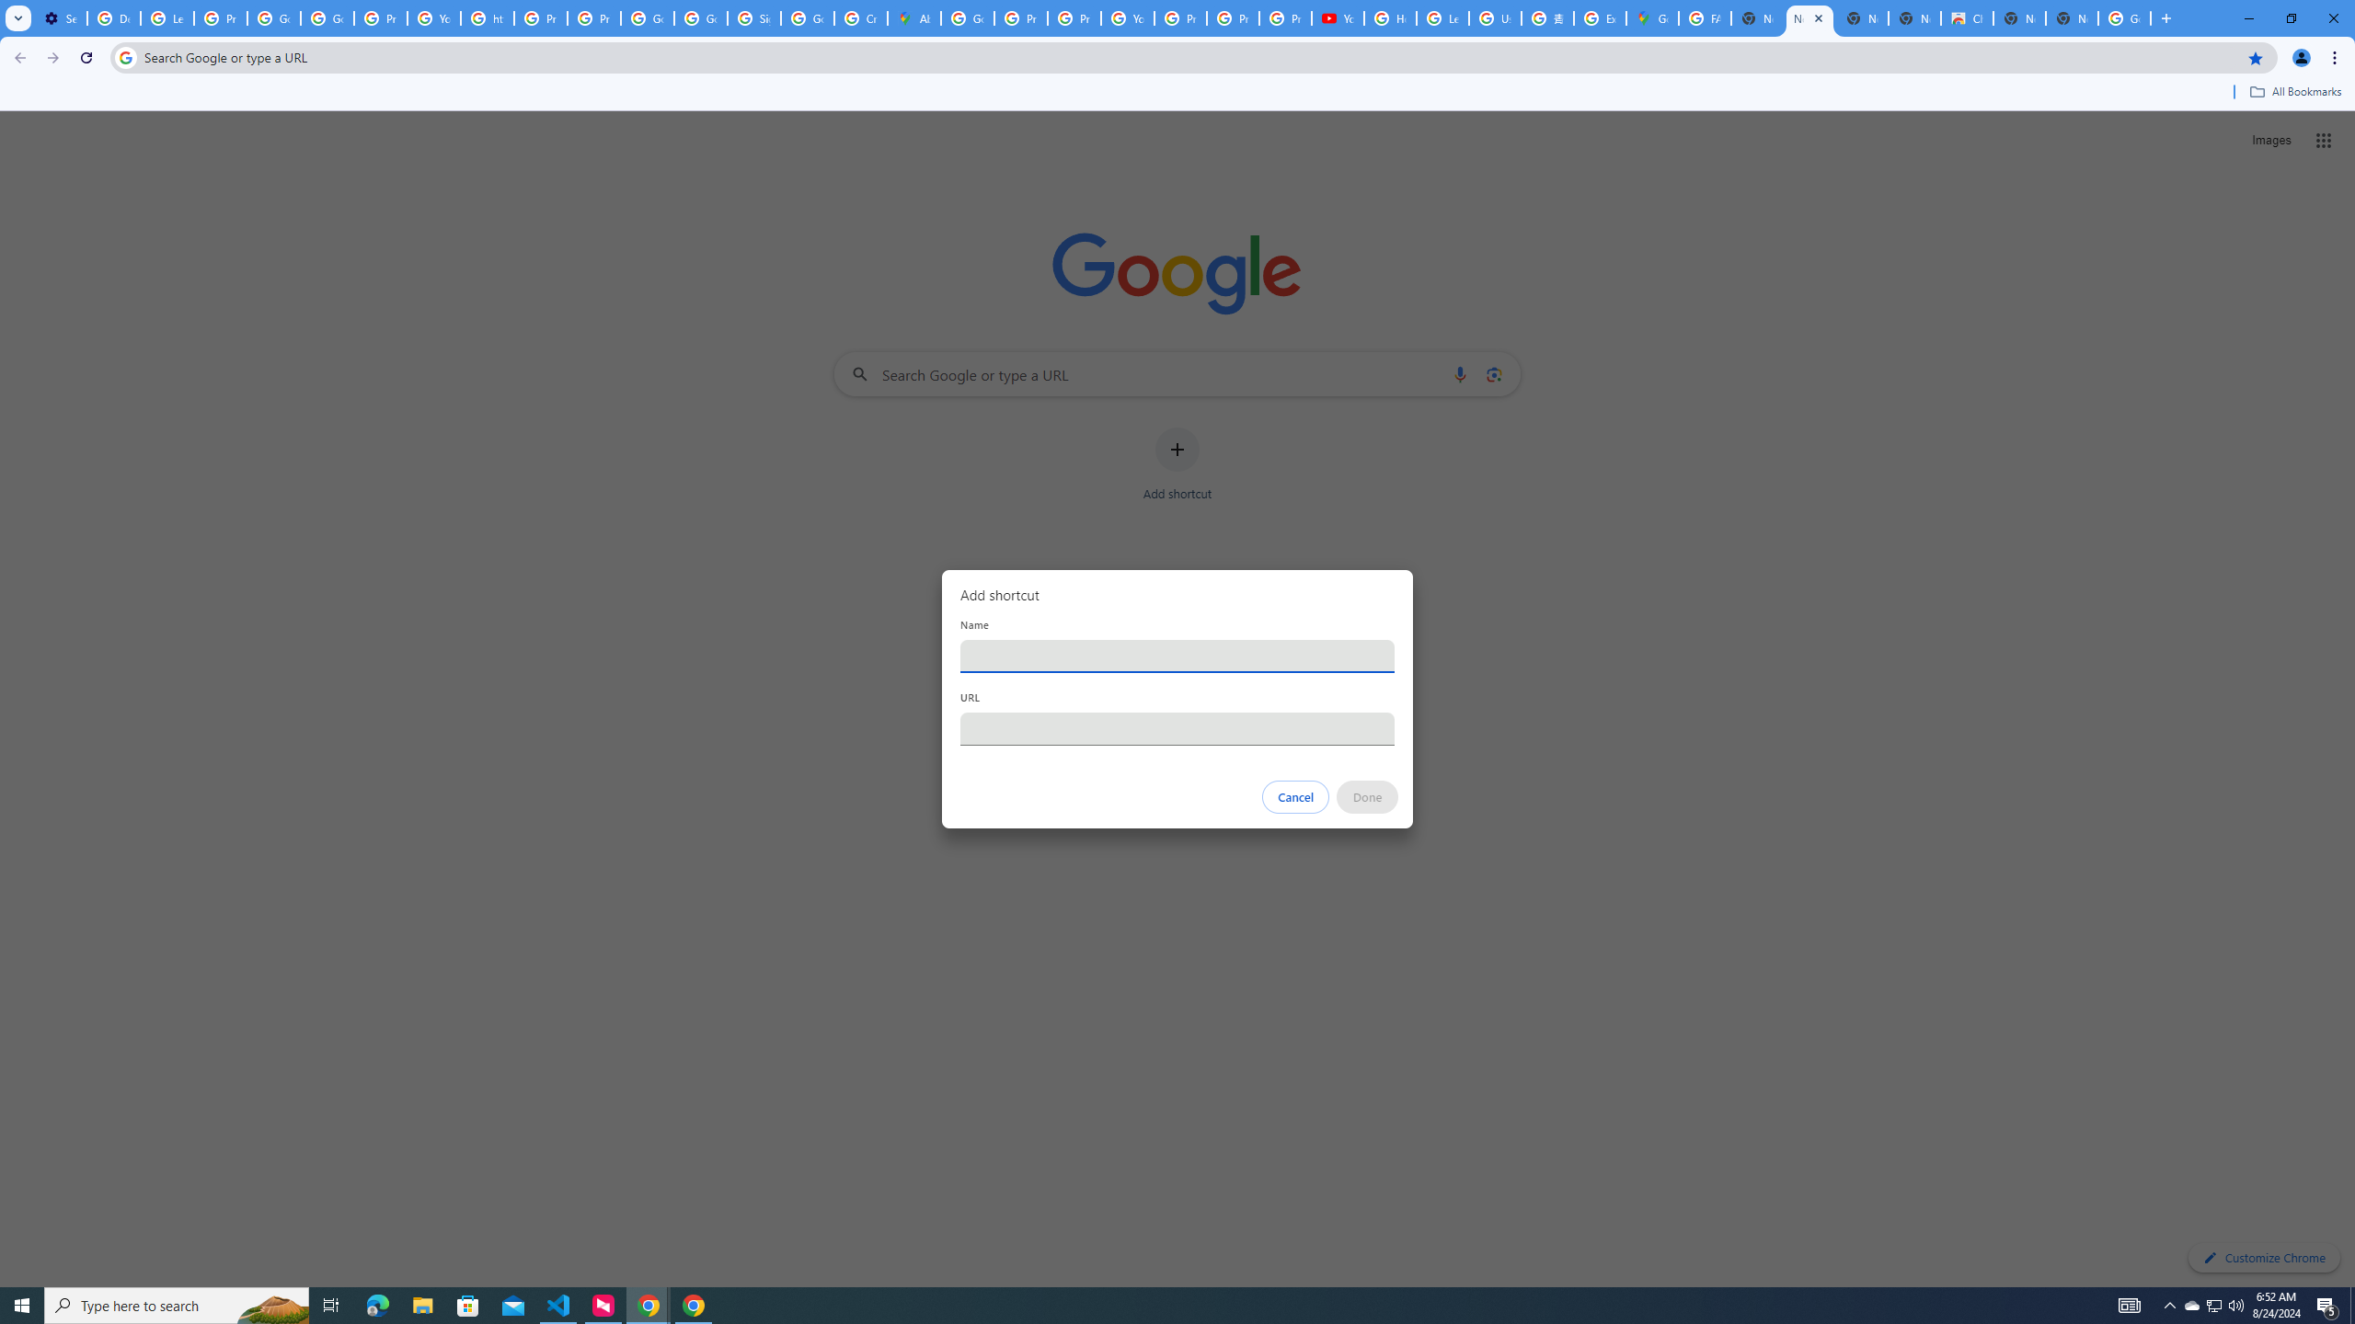 The image size is (2355, 1324). Describe the element at coordinates (1296, 796) in the screenshot. I see `'Cancel'` at that location.